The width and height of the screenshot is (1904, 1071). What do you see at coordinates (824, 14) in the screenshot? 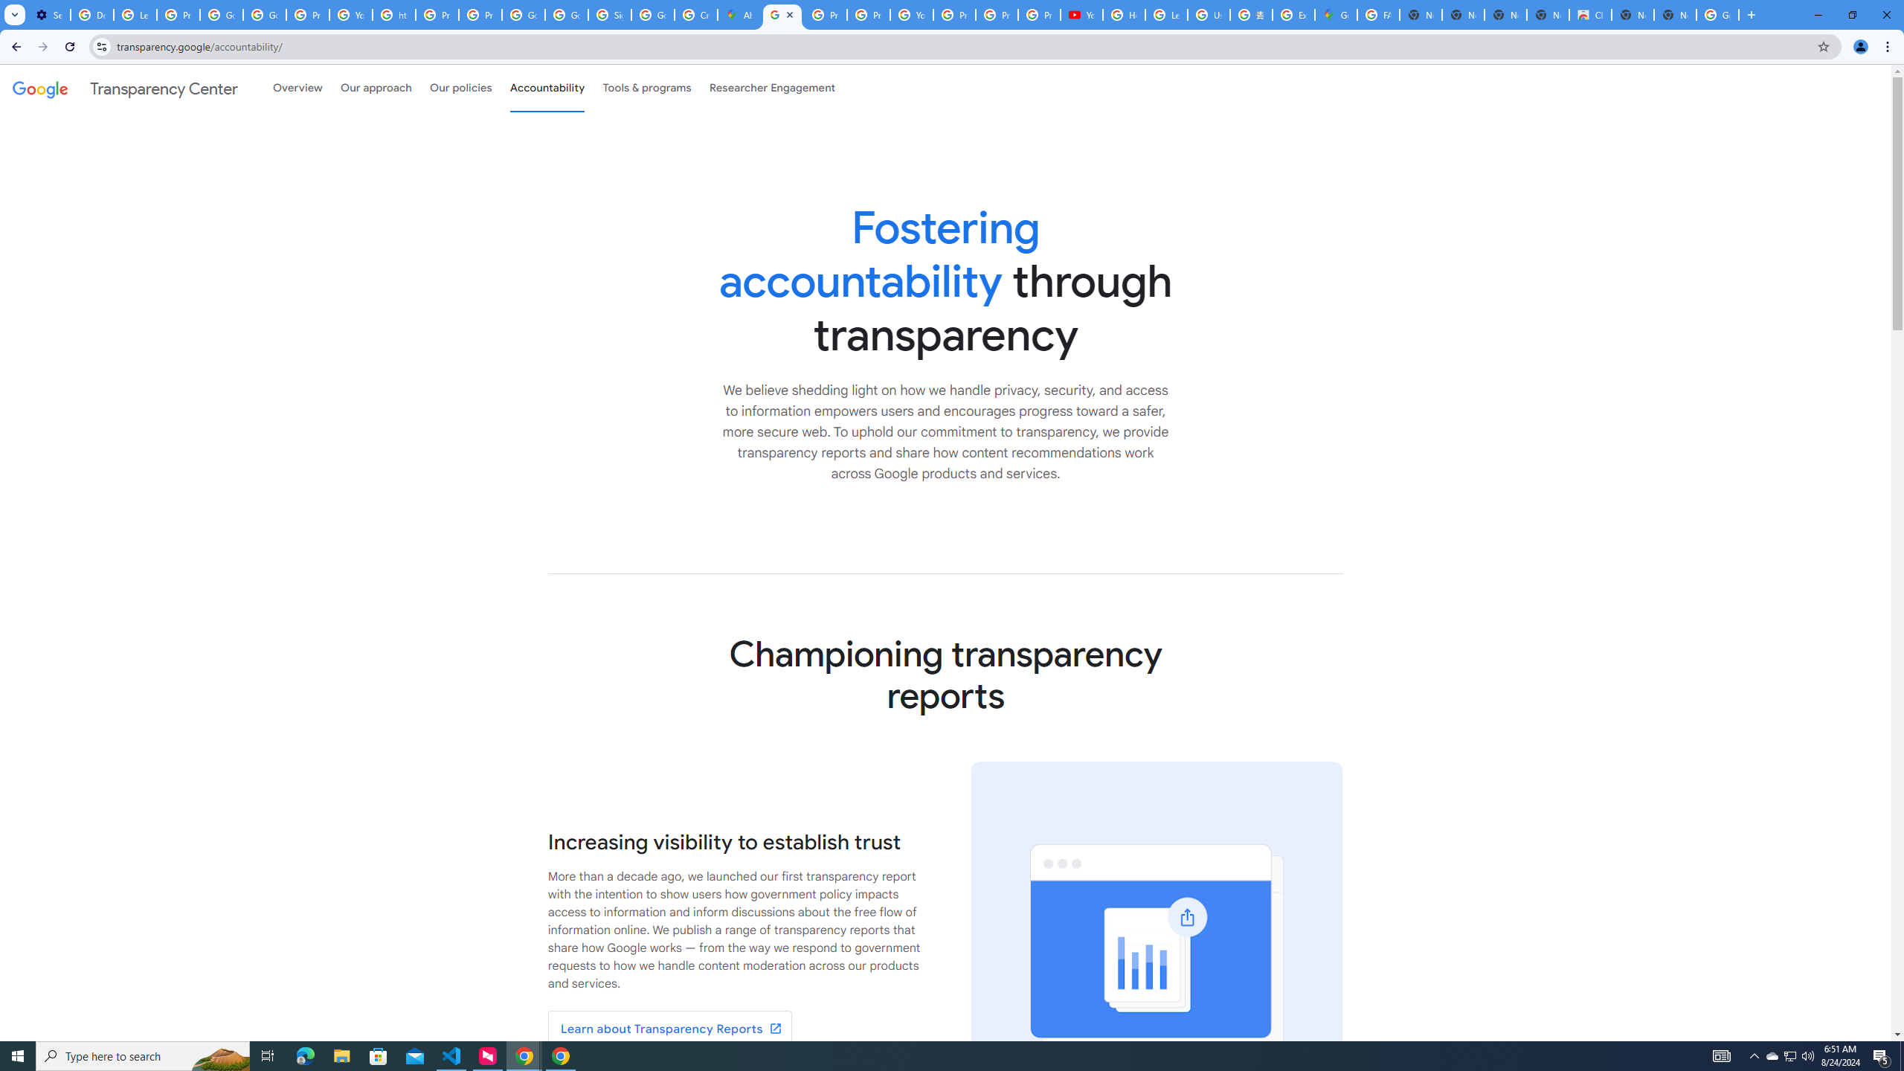
I see `'Privacy Help Center - Policies Help'` at bounding box center [824, 14].